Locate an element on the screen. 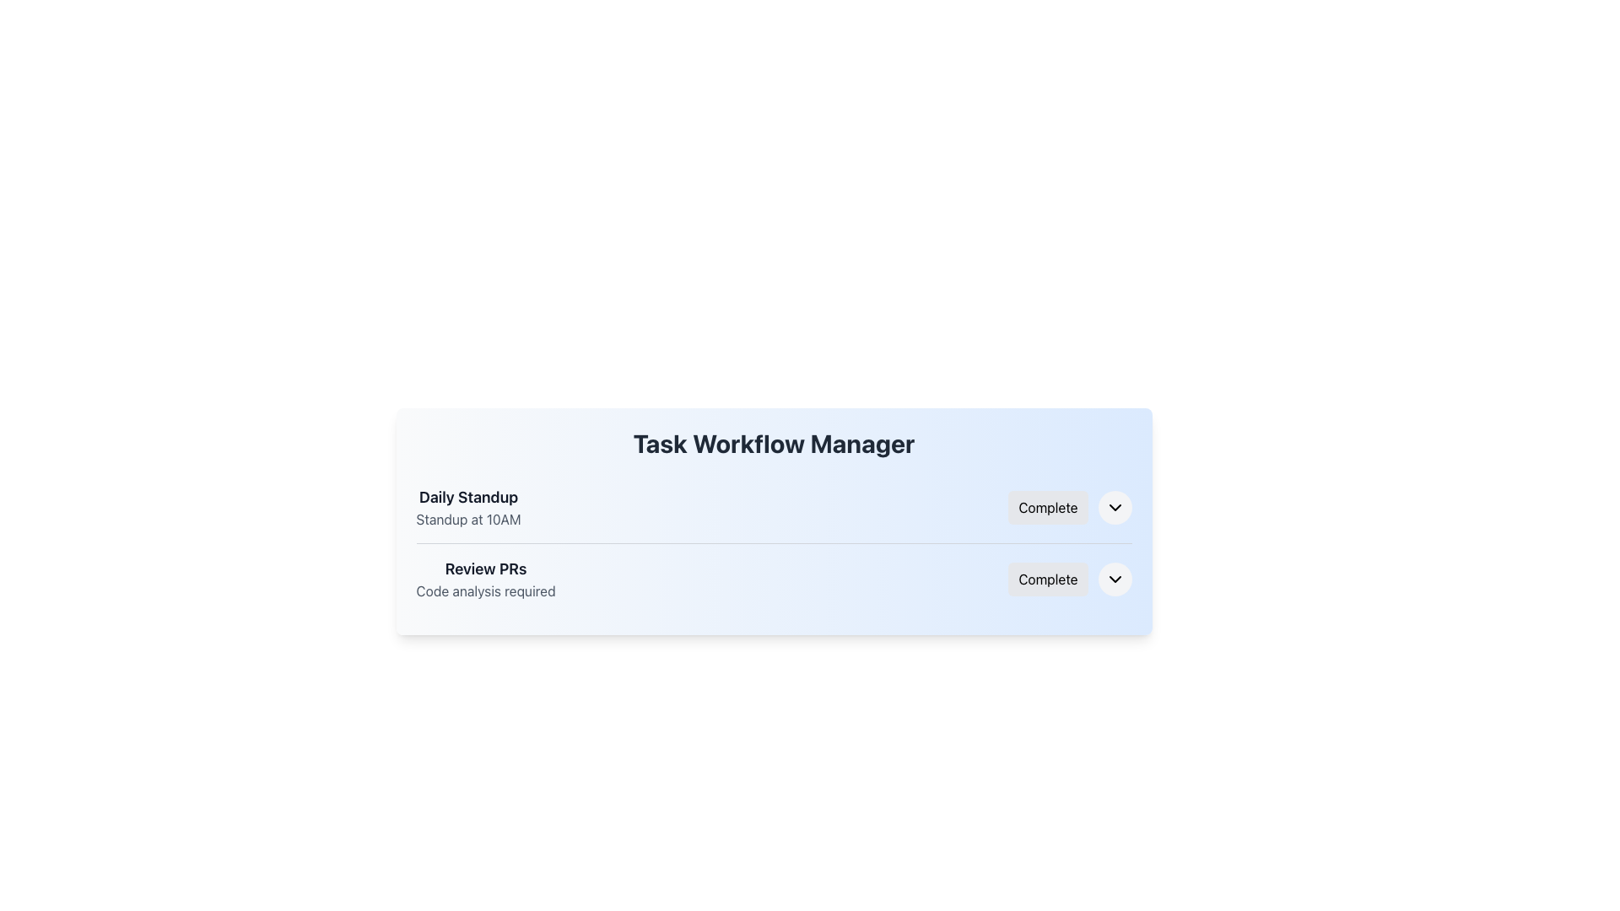  the Dropdown indicator button (chevron icon) located at the far right of the second row ('Review PRs') in the Task Workflow Manager is located at coordinates (1115, 578).